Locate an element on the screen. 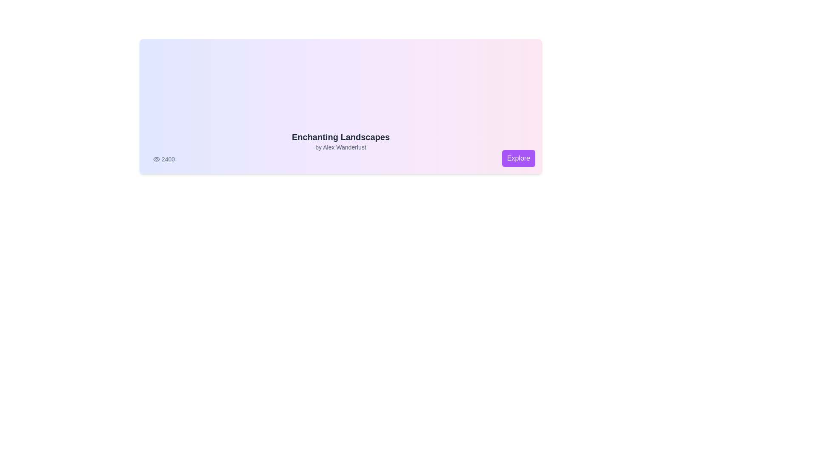 This screenshot has width=817, height=460. the text label displaying '2400' that indicates a count or statistic associated with the eye-shaped icon in the bottom-left section of the card titled 'Enchanting Landscapes' is located at coordinates (168, 159).